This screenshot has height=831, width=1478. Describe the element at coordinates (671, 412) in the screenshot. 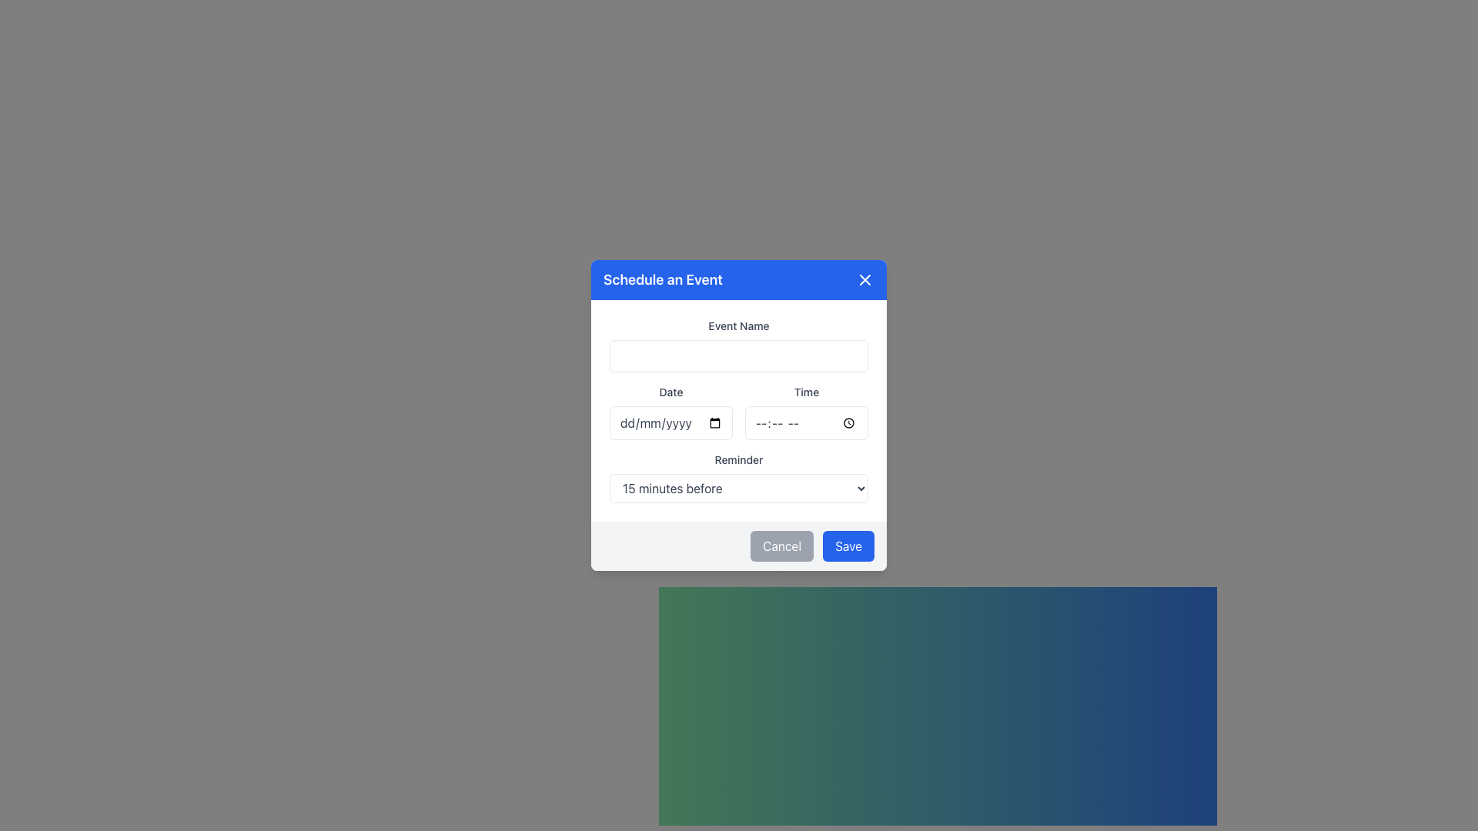

I see `the calendar icon of the date input field labeled 'Date'` at that location.